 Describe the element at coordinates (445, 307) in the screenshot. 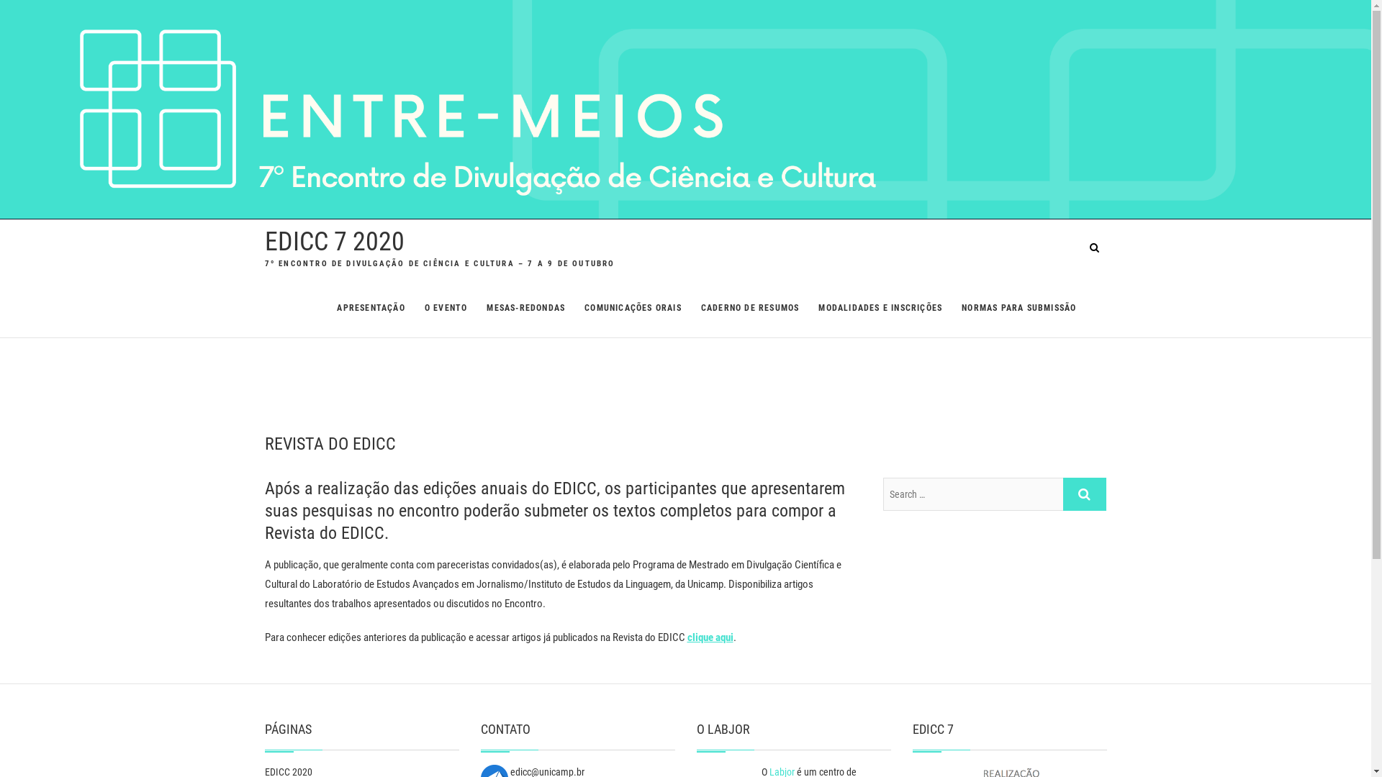

I see `'O EVENTO'` at that location.